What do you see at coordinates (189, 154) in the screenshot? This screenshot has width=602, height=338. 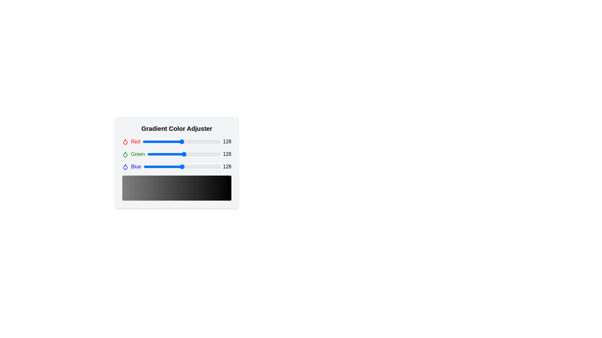 I see `the green slider to 146` at bounding box center [189, 154].